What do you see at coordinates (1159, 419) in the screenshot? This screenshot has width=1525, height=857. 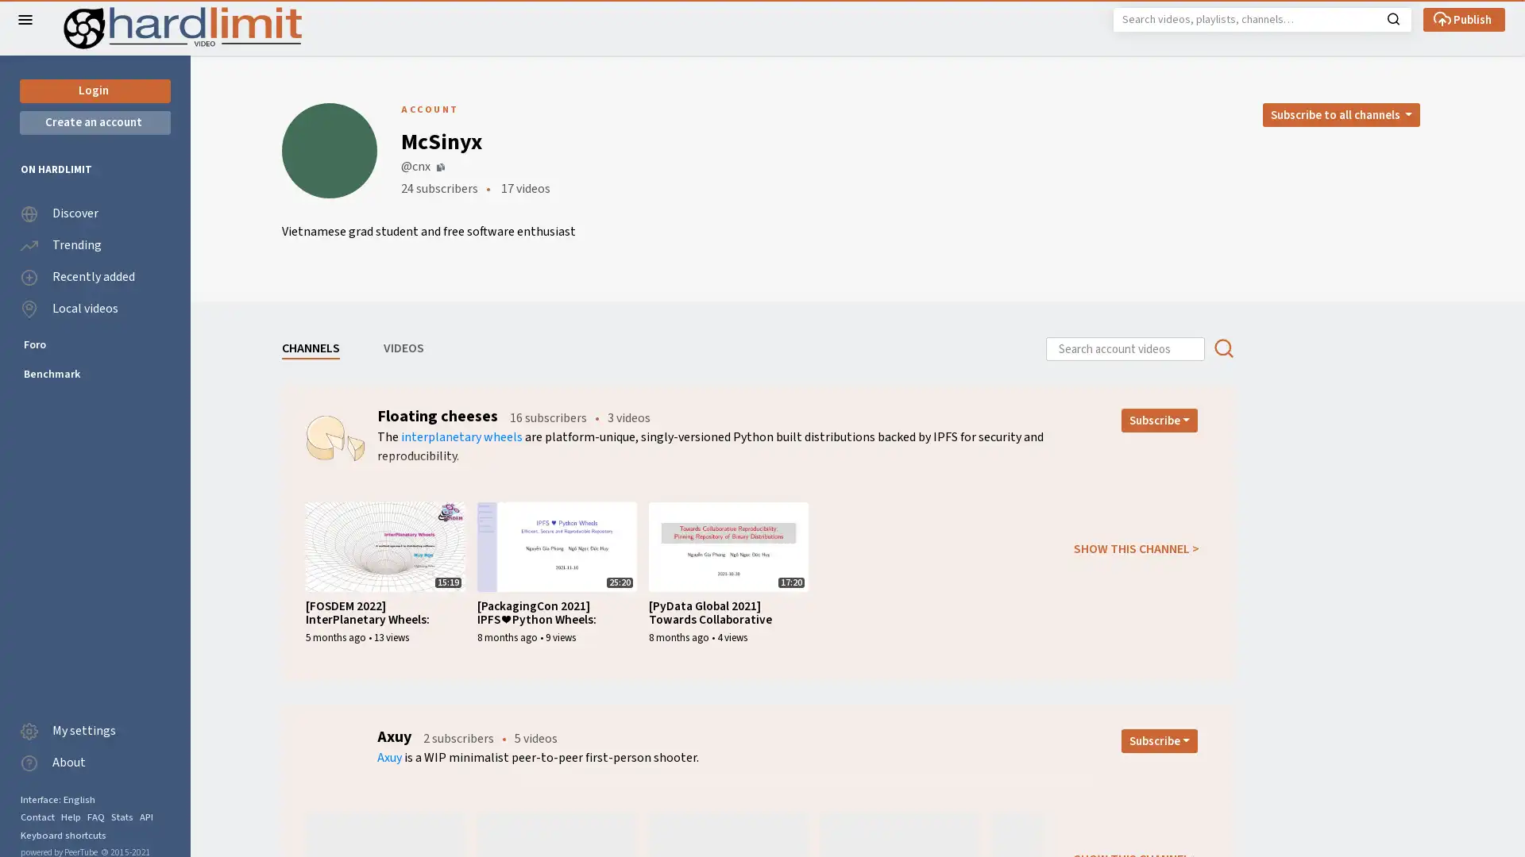 I see `Open subscription dropdown` at bounding box center [1159, 419].